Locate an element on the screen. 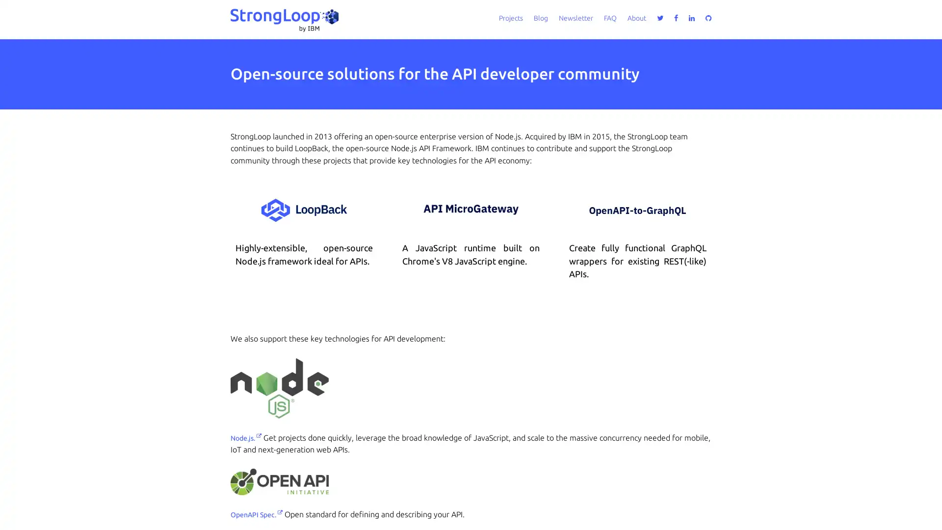 The image size is (942, 530). close icon is located at coordinates (934, 455).